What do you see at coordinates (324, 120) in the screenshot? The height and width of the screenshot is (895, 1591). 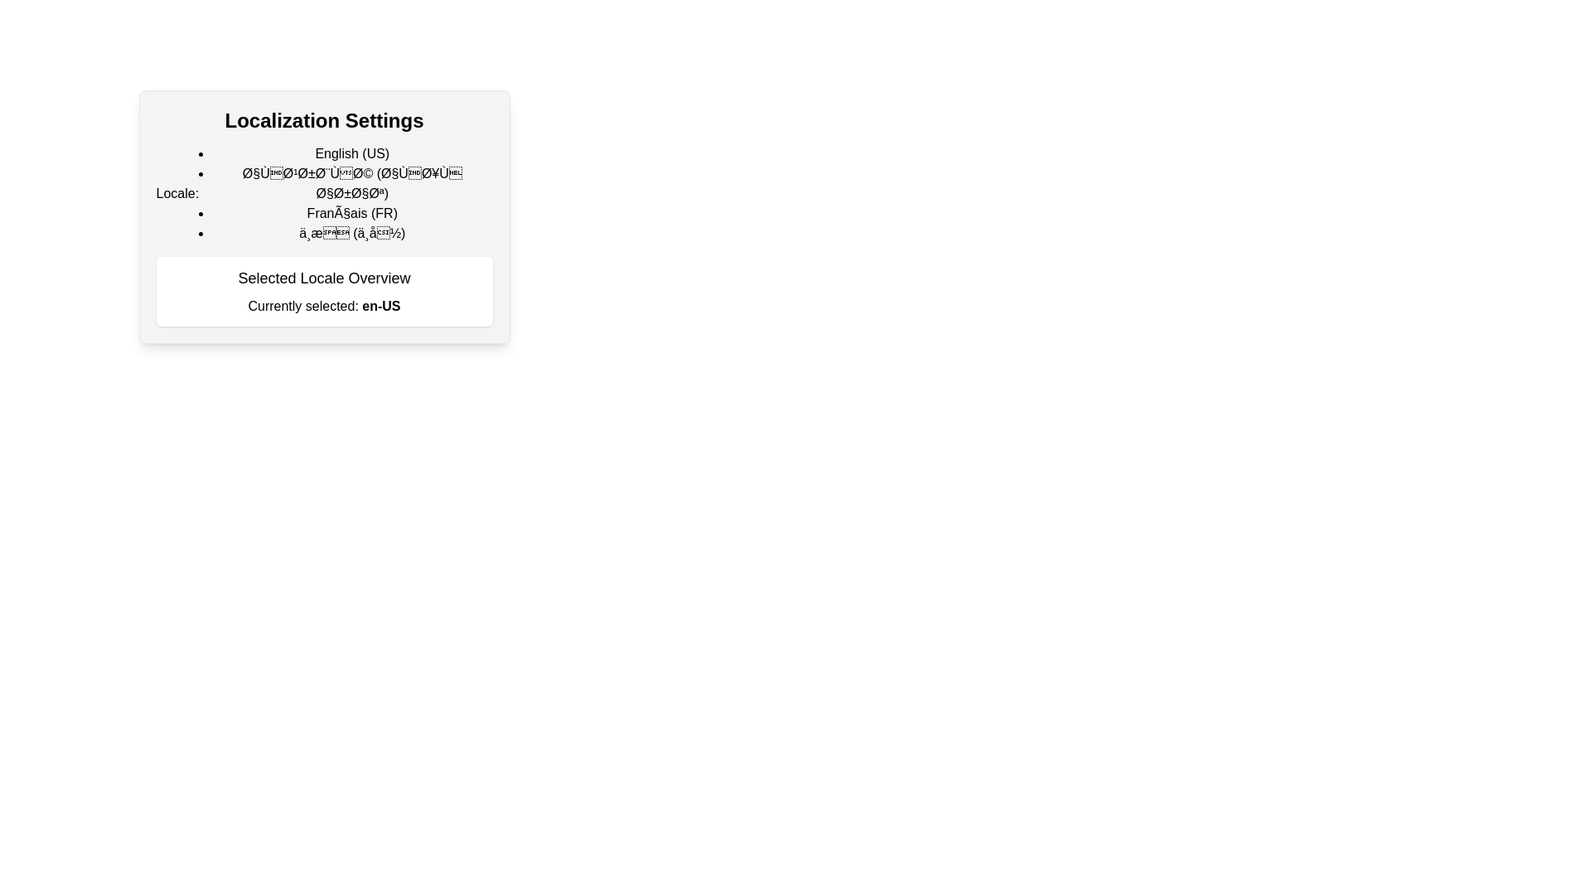 I see `the title text for the 'Localization Settings' section, which is centrally located at the top of the settings panel` at bounding box center [324, 120].